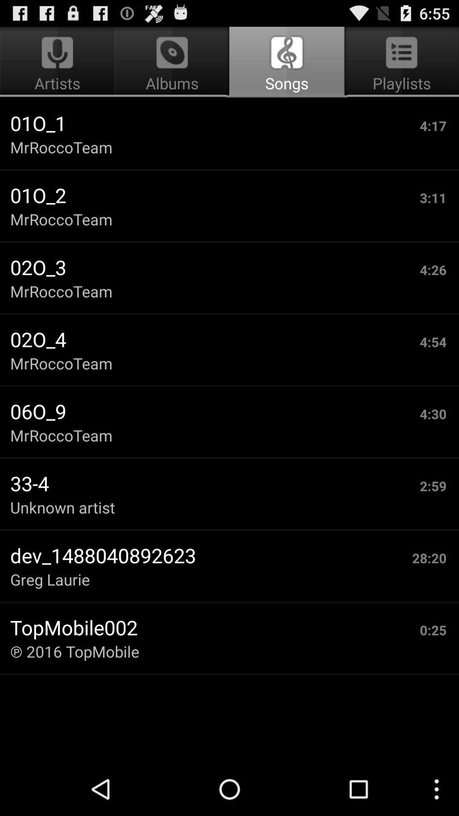 This screenshot has width=459, height=816. I want to click on app next to the artists icon, so click(287, 62).